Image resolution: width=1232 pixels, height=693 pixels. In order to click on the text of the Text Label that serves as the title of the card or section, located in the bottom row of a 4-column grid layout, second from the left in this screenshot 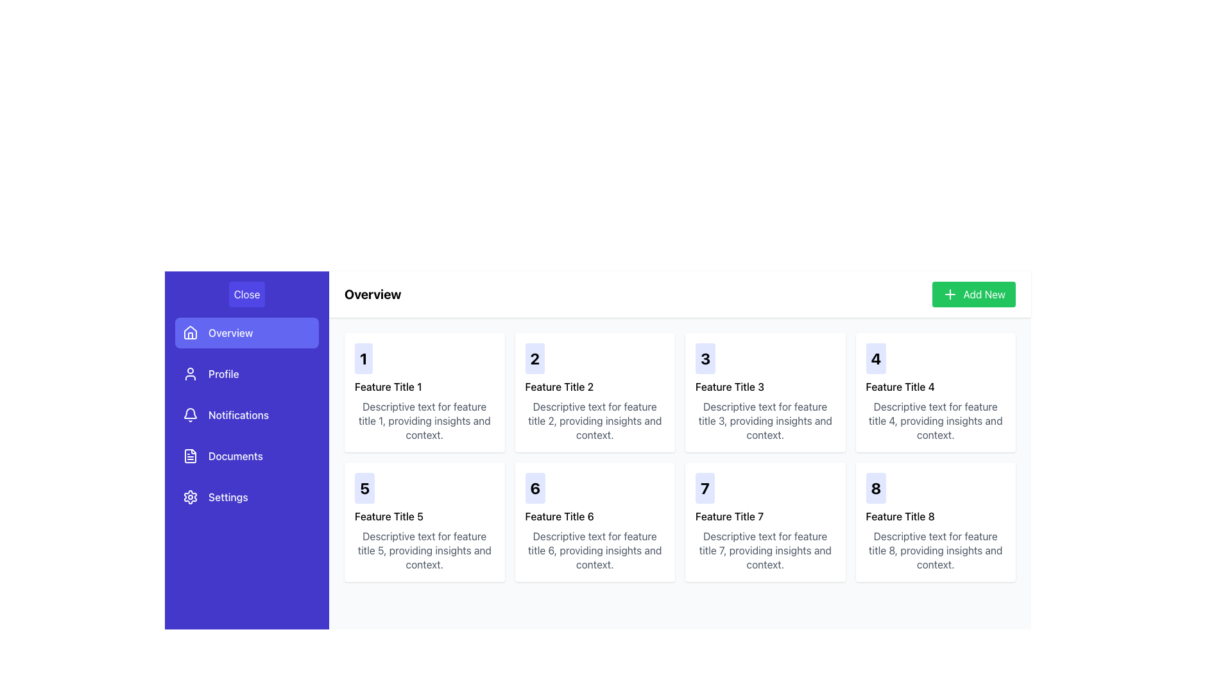, I will do `click(560, 516)`.